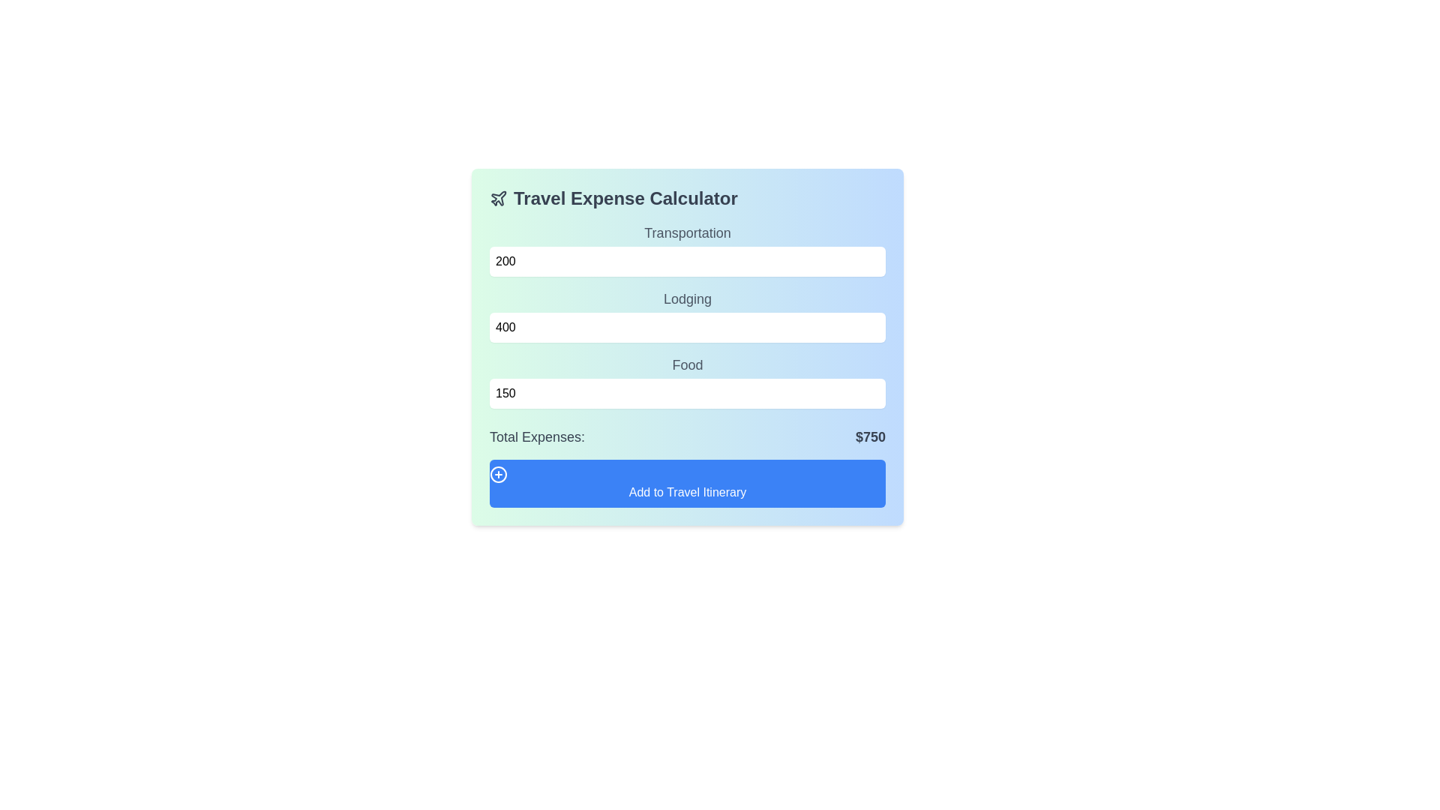 The image size is (1440, 810). Describe the element at coordinates (537, 436) in the screenshot. I see `the textual label 'Total Expenses:' which is a dark gray label aligned to the left within a light interface` at that location.